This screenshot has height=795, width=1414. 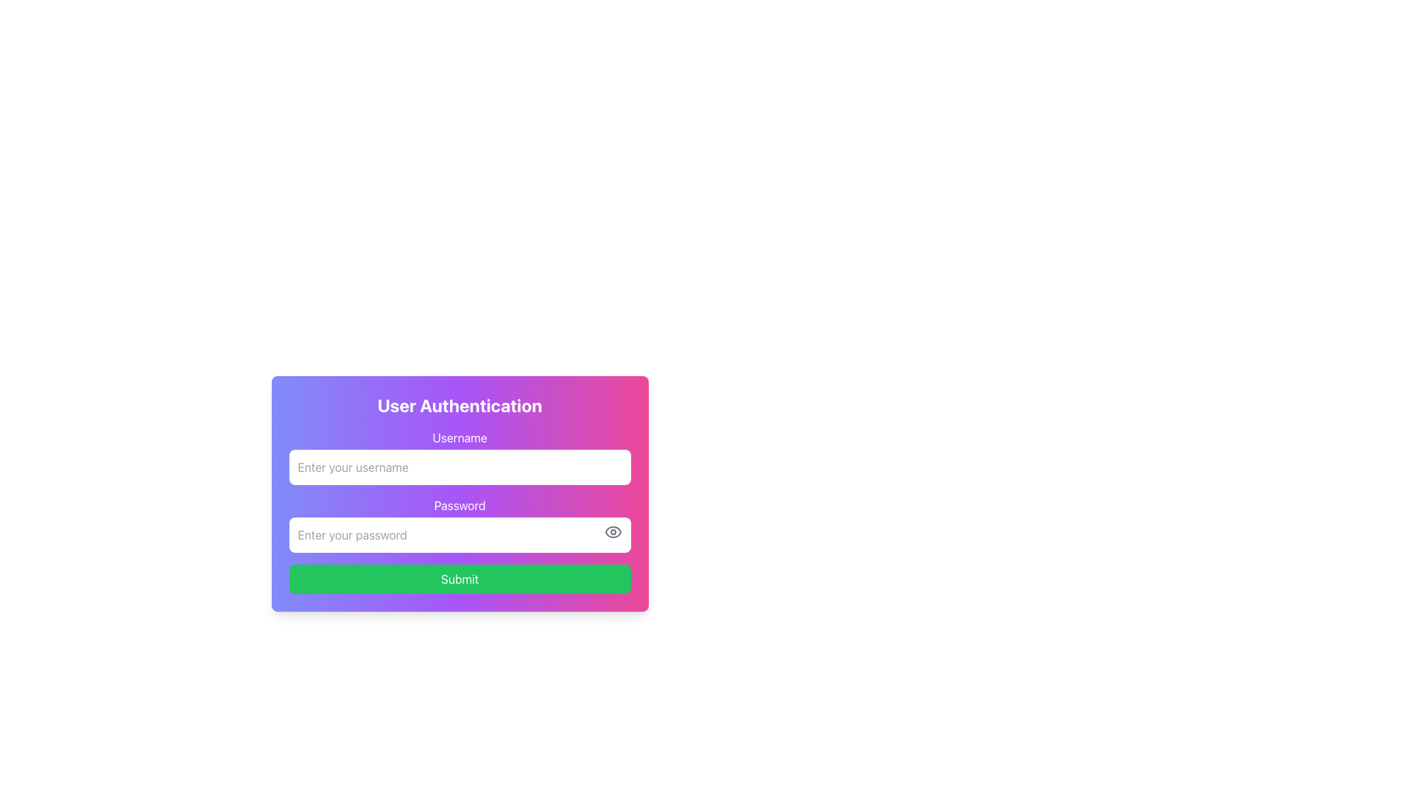 I want to click on the green 'Submit' button located at the bottom of the user authentication form, so click(x=459, y=578).